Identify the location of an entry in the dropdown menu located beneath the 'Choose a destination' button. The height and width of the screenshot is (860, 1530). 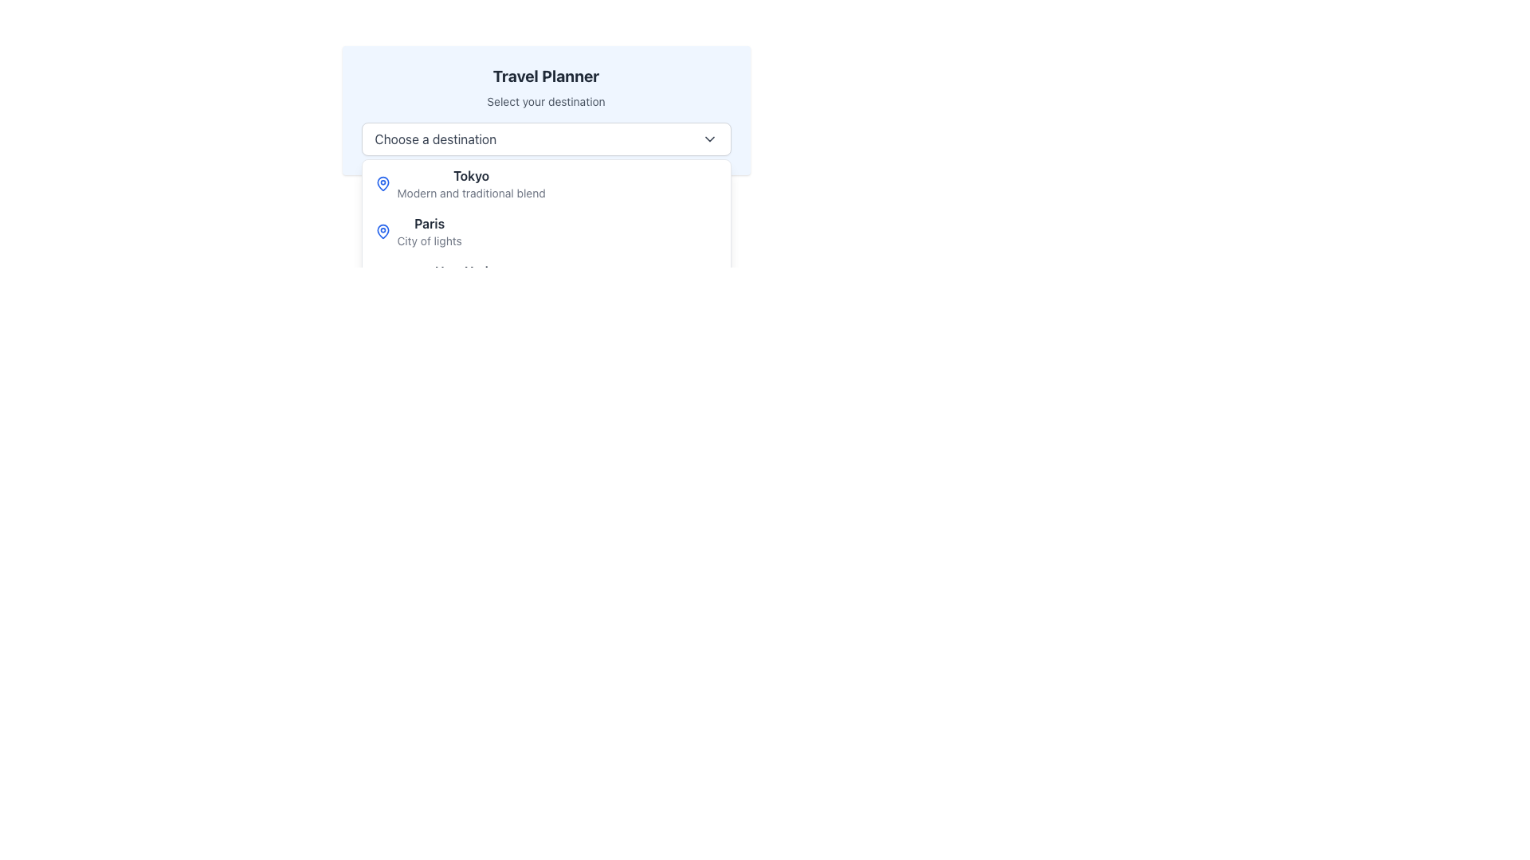
(546, 254).